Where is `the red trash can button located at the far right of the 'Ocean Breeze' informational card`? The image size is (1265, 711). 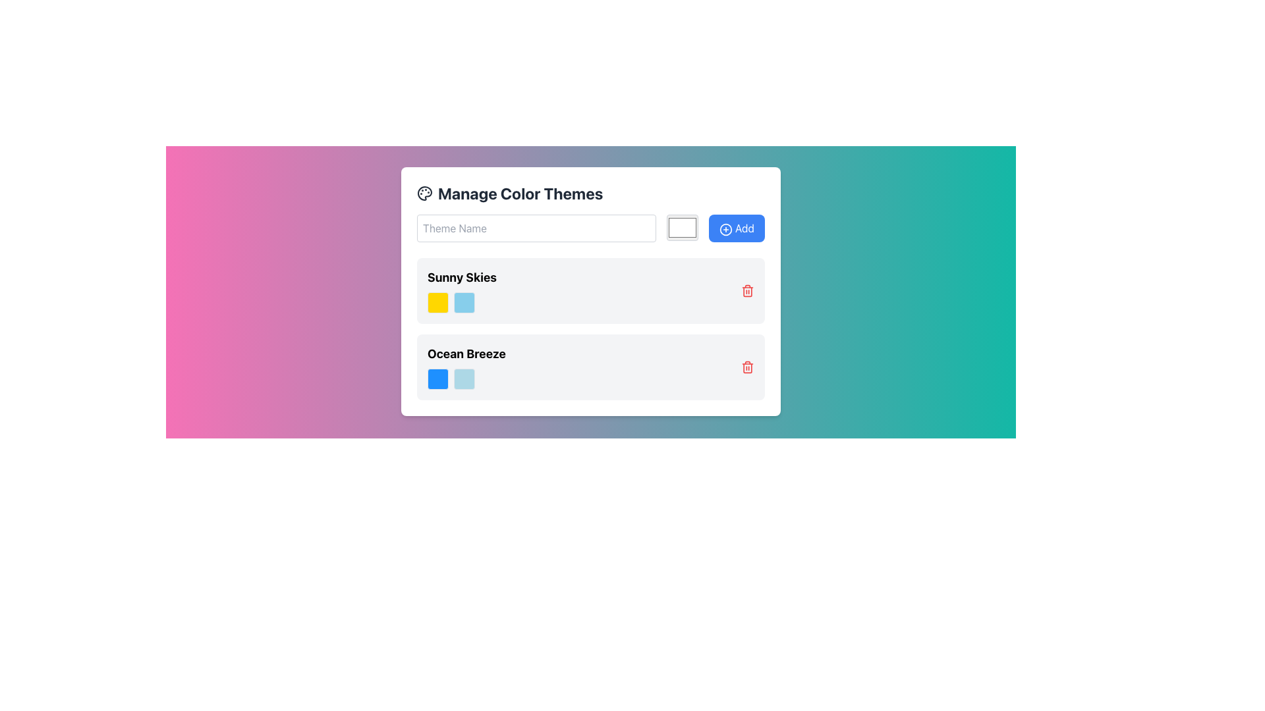
the red trash can button located at the far right of the 'Ocean Breeze' informational card is located at coordinates (747, 367).